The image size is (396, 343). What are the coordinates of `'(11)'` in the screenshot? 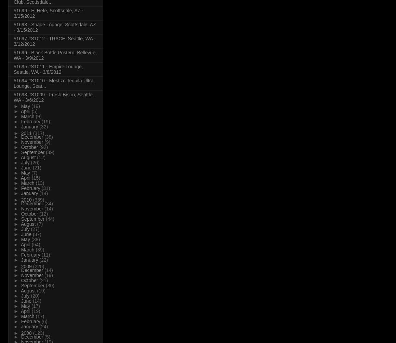 It's located at (45, 254).